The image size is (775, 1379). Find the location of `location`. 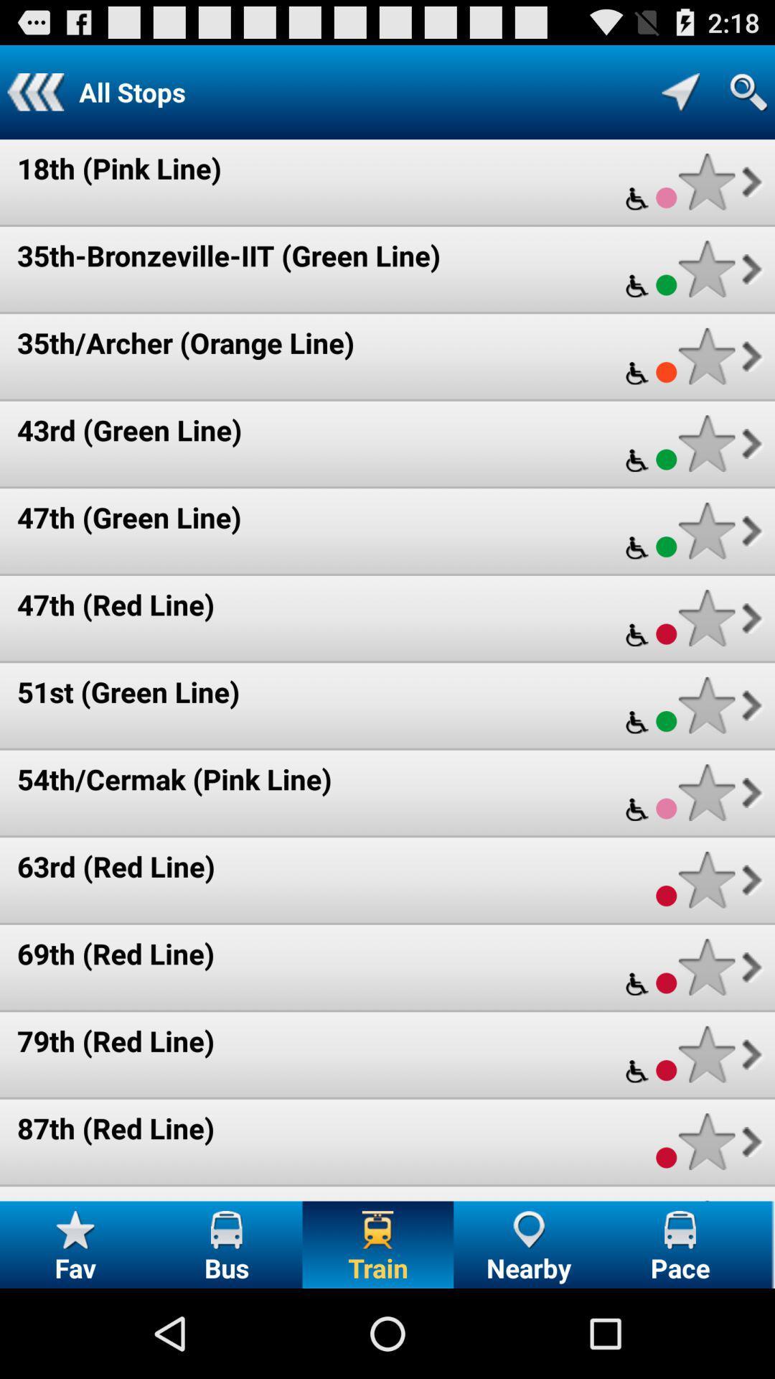

location is located at coordinates (680, 91).